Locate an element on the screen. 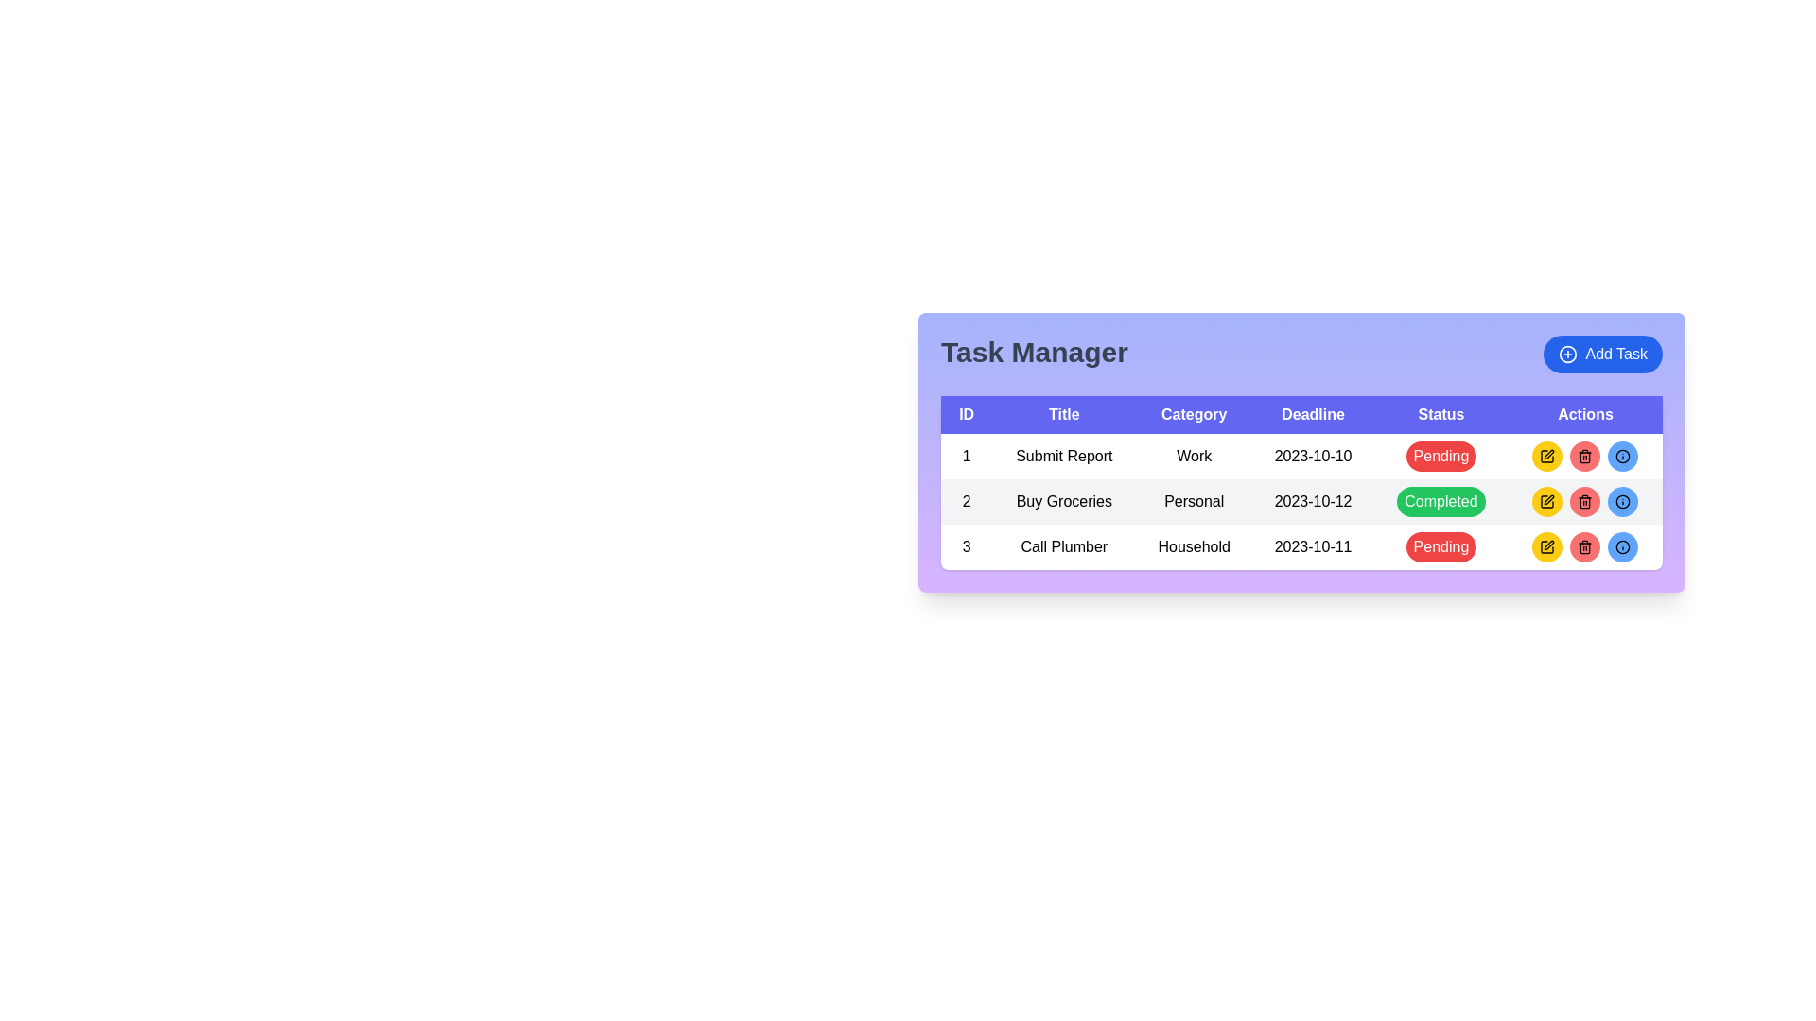  the 'Completed' status button located in the 'Status' column of the second row for the task titled 'Buy Groceries' in the 'Task Manager' table is located at coordinates (1440, 501).